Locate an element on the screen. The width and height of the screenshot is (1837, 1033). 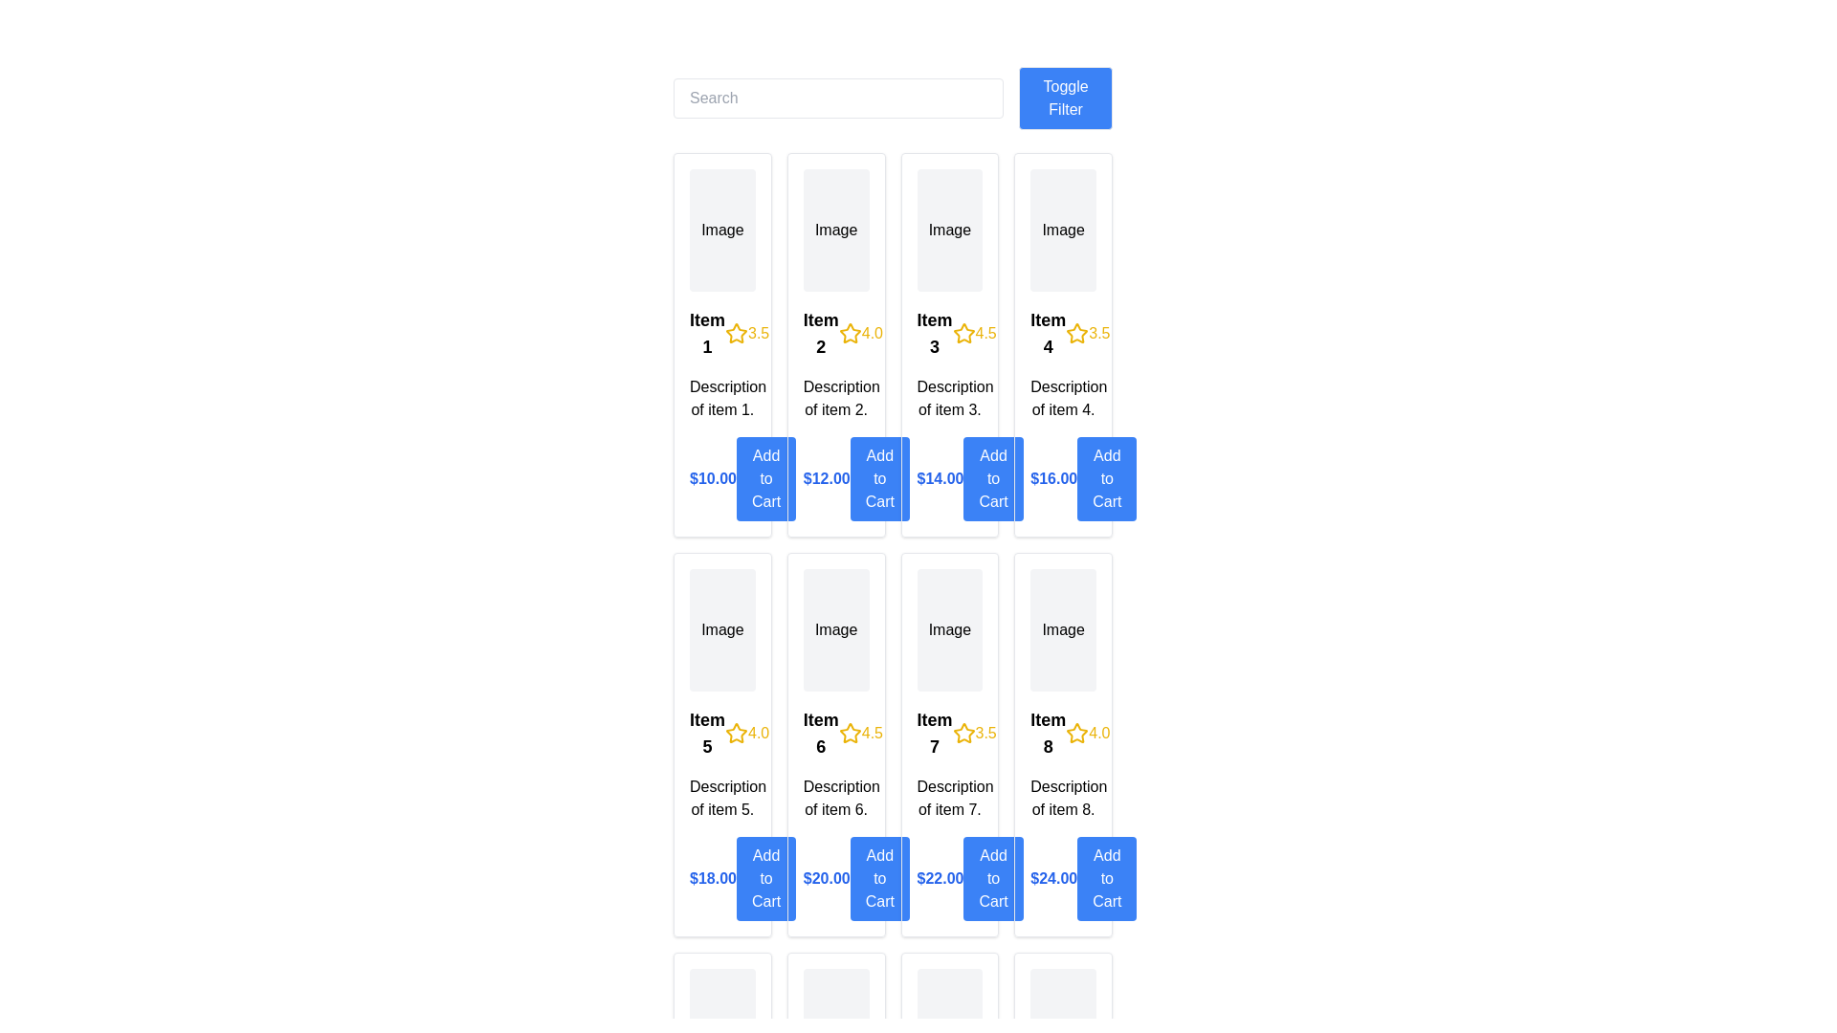
fourth star icon in the rating bar for 'Item 6', which visually indicates a partially filled rating score is located at coordinates (849, 732).